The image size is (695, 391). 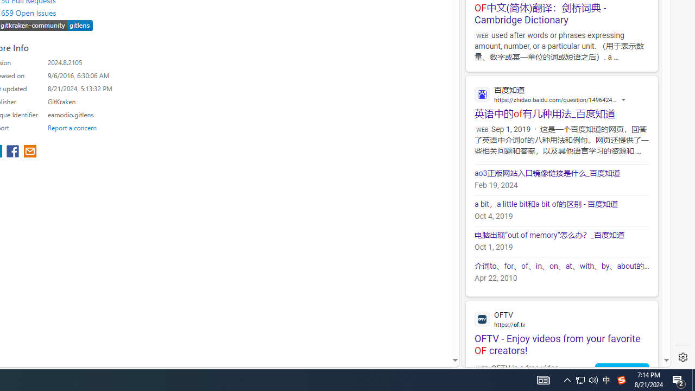 I want to click on 'Actions for this site', so click(x=624, y=100).